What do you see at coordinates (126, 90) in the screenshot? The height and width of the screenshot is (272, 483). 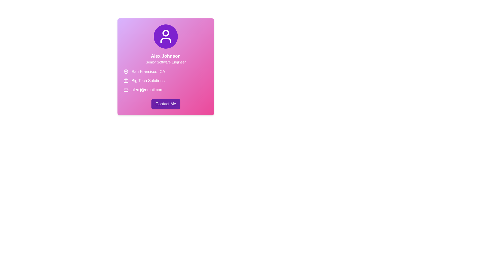 I see `the icon that visually indicates the email address 'alex.j@email.com', located to the left of the email text under user contact information` at bounding box center [126, 90].